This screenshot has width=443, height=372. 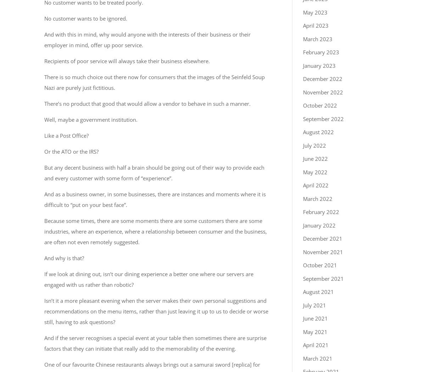 What do you see at coordinates (320, 265) in the screenshot?
I see `'October 2021'` at bounding box center [320, 265].